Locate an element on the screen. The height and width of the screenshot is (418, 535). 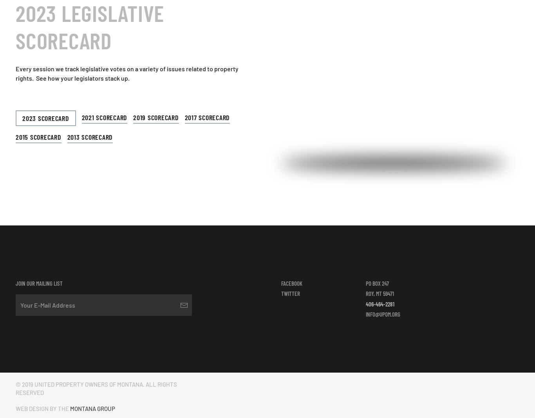
'Join our mailing list' is located at coordinates (39, 283).